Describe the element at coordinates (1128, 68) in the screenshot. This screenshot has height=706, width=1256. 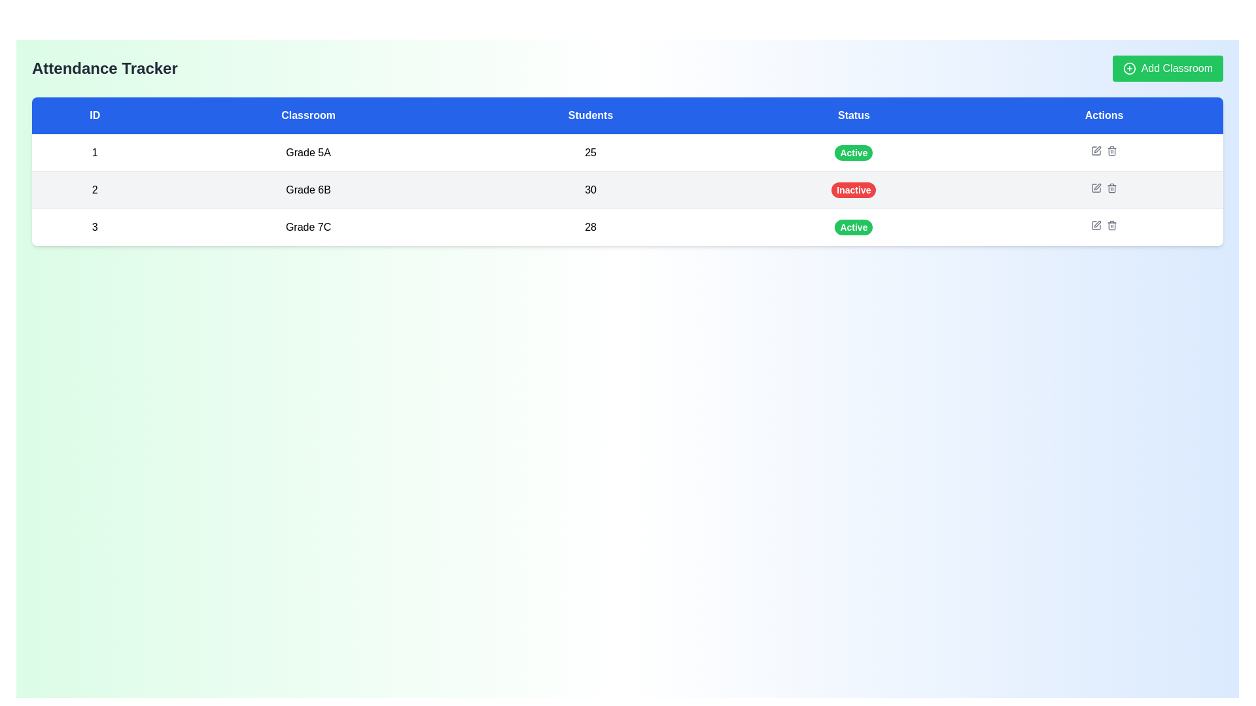
I see `the circular icon that visually complements the 'Add Classroom' button` at that location.